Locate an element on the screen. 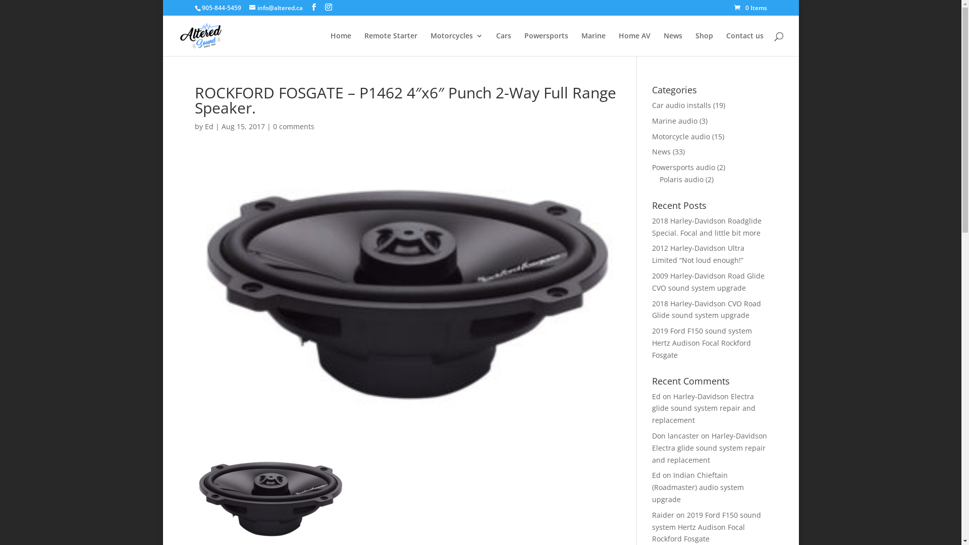 The image size is (969, 545). 'Home' is located at coordinates (340, 43).